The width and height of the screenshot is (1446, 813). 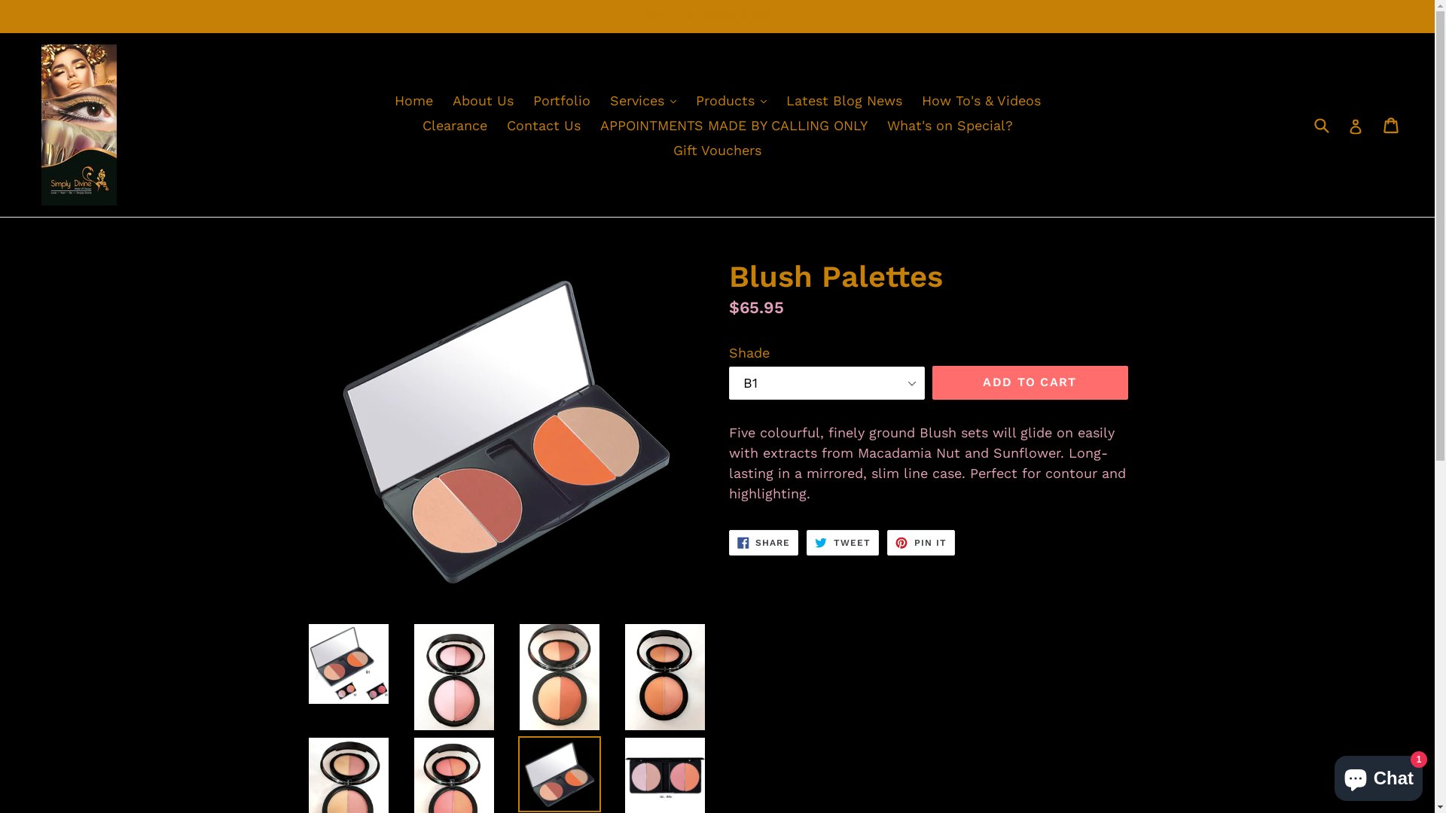 I want to click on 'Cart, so click(x=1391, y=124).